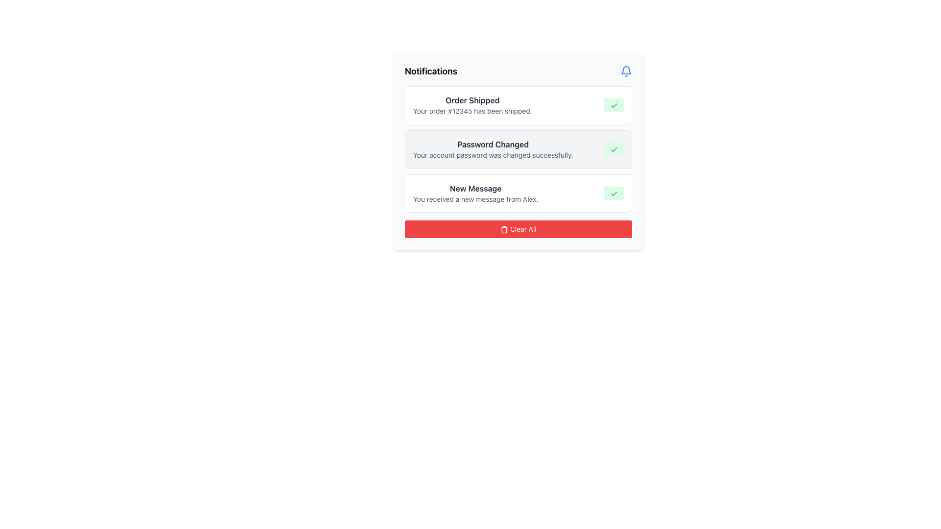 The image size is (941, 529). What do you see at coordinates (475, 193) in the screenshot?
I see `the notification text element that displays a message from 'Alex' stating 'New Message', which is the third item in a vertical list of notifications` at bounding box center [475, 193].